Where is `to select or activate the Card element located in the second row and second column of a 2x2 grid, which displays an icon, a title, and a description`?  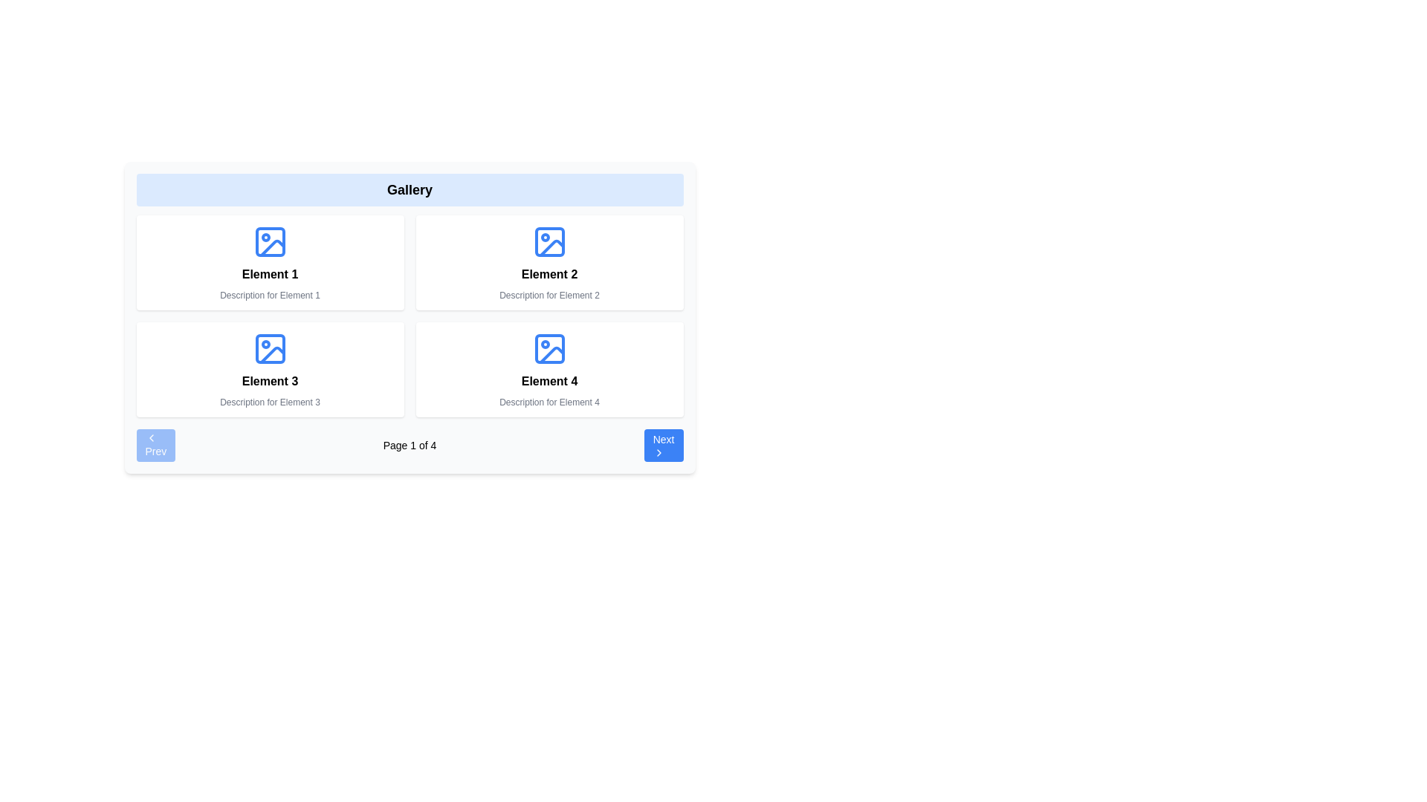 to select or activate the Card element located in the second row and second column of a 2x2 grid, which displays an icon, a title, and a description is located at coordinates (549, 368).